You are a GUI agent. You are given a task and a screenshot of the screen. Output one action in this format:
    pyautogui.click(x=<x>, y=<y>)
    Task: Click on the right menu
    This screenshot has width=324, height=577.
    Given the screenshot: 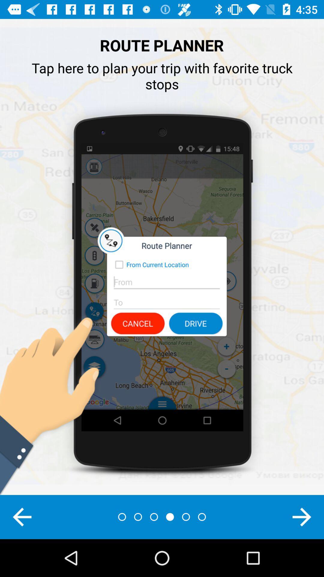 What is the action you would take?
    pyautogui.click(x=302, y=517)
    